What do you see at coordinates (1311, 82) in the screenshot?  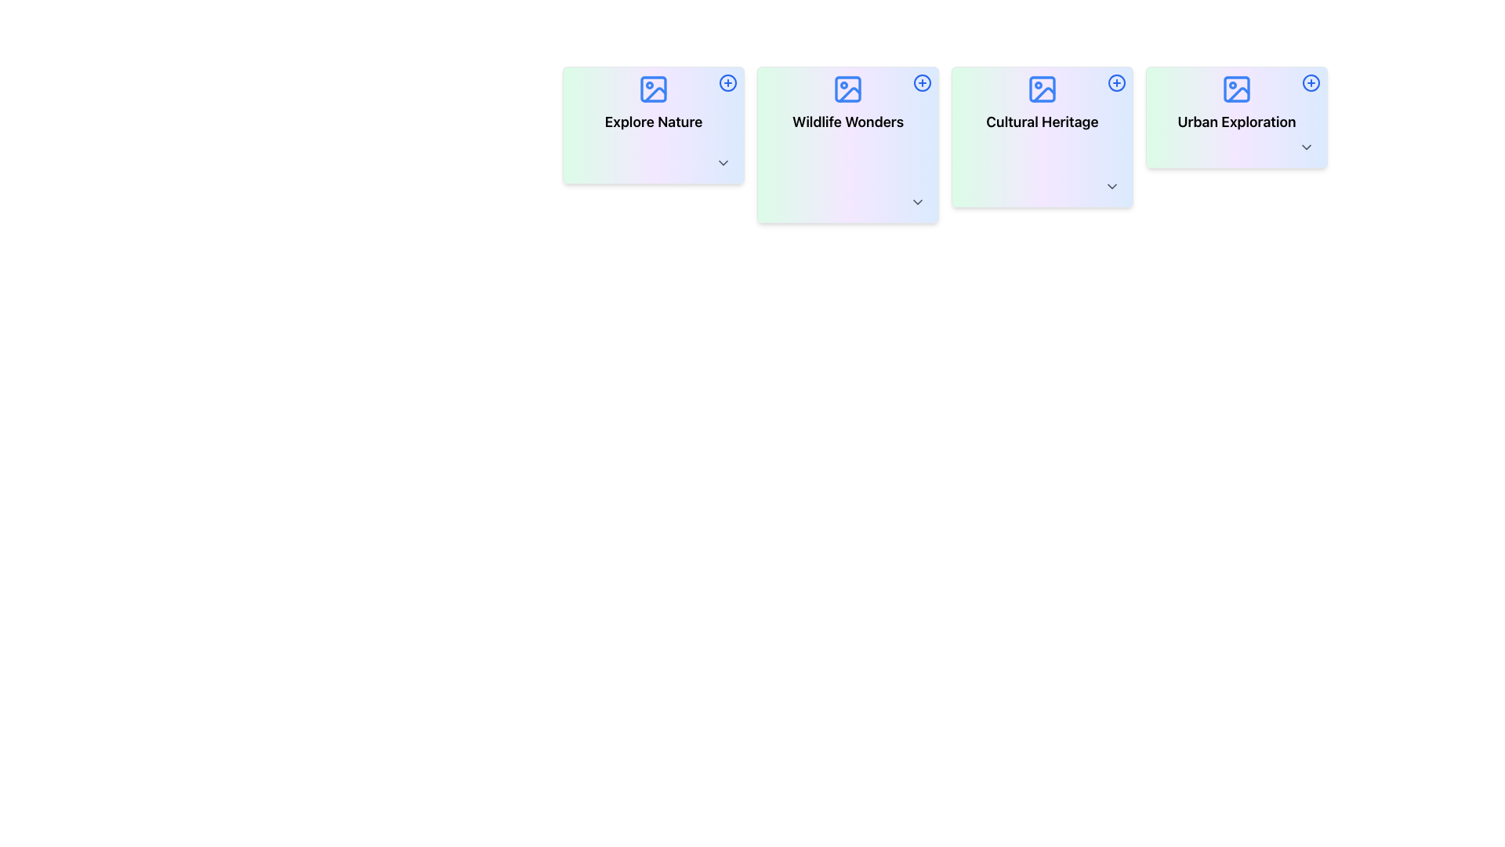 I see `the blue circular shape within the 'Urban Exploration' card, which is part of the plus icon in the top-right corner` at bounding box center [1311, 82].